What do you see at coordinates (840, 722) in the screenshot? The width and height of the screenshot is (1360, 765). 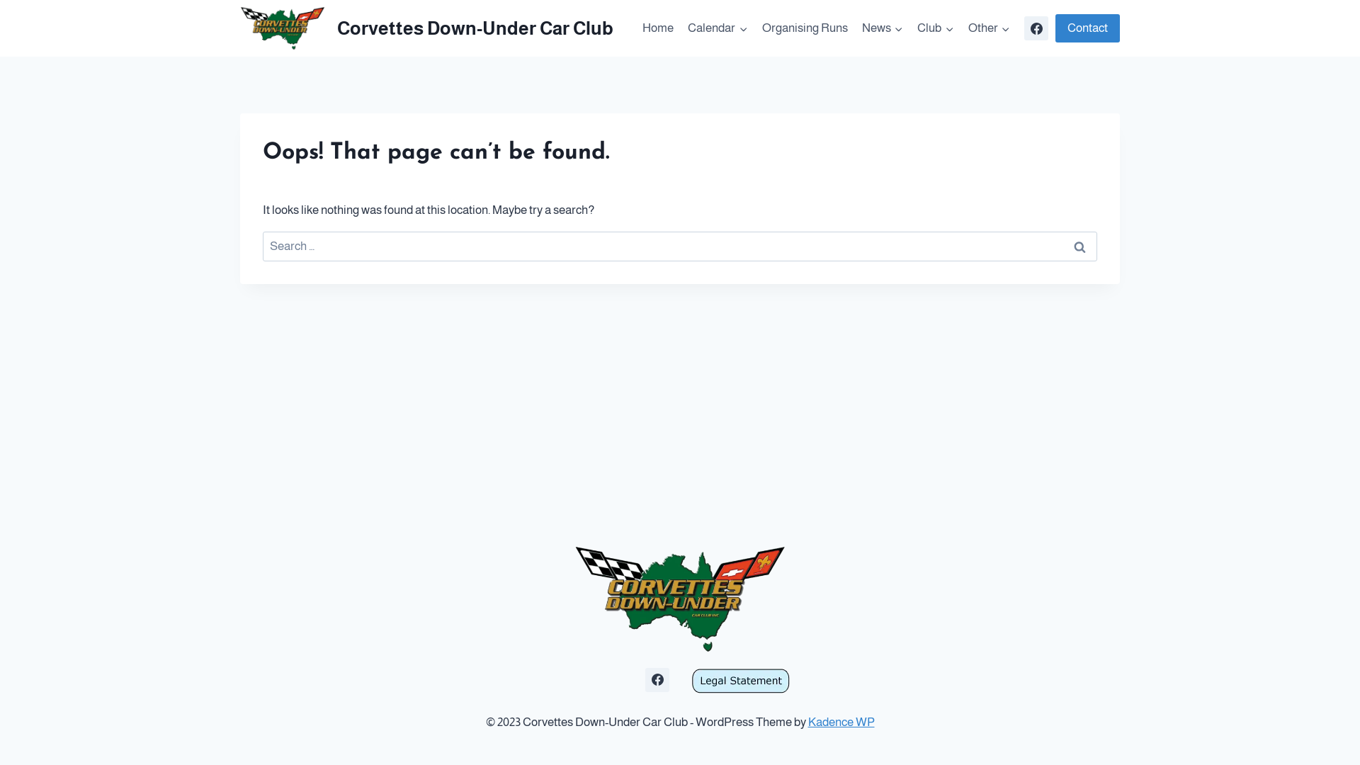 I see `'Kadence WP'` at bounding box center [840, 722].